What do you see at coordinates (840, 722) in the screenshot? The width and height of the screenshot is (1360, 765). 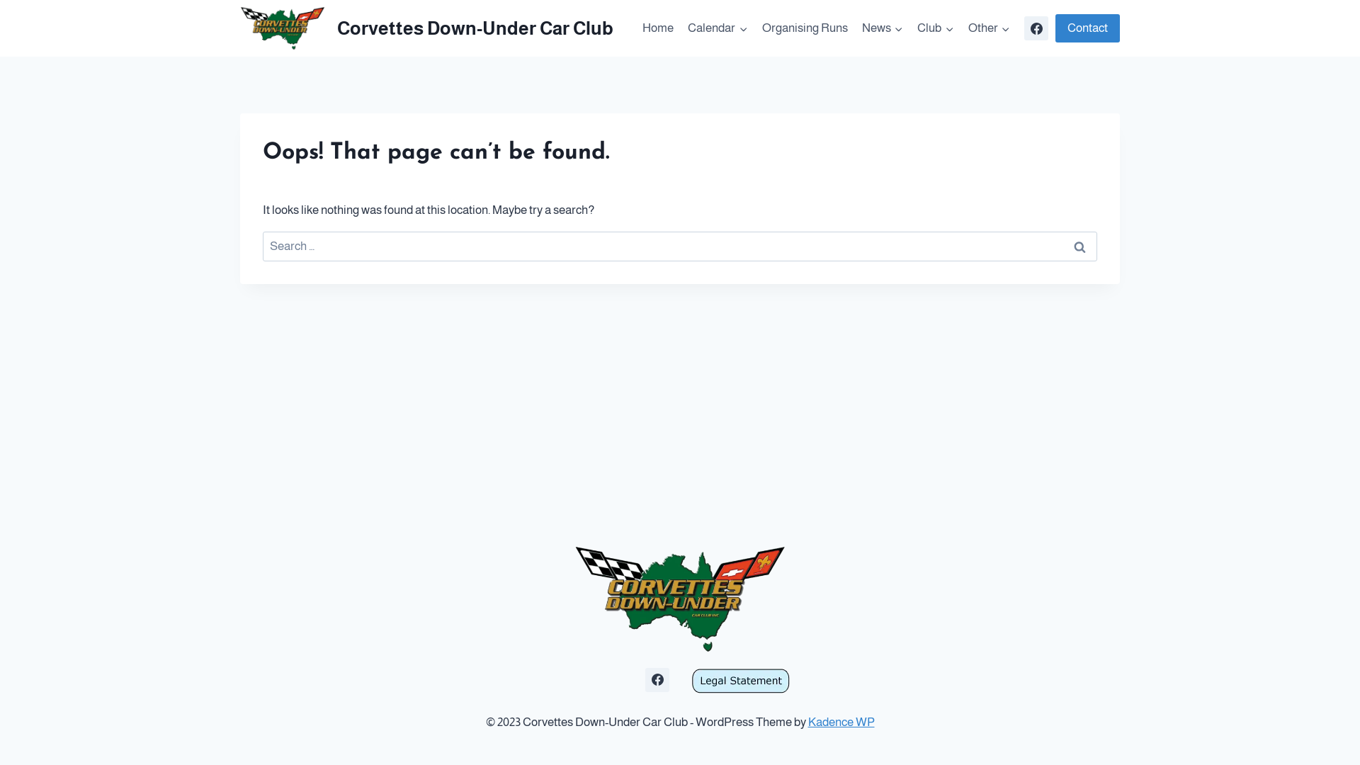 I see `'Kadence WP'` at bounding box center [840, 722].